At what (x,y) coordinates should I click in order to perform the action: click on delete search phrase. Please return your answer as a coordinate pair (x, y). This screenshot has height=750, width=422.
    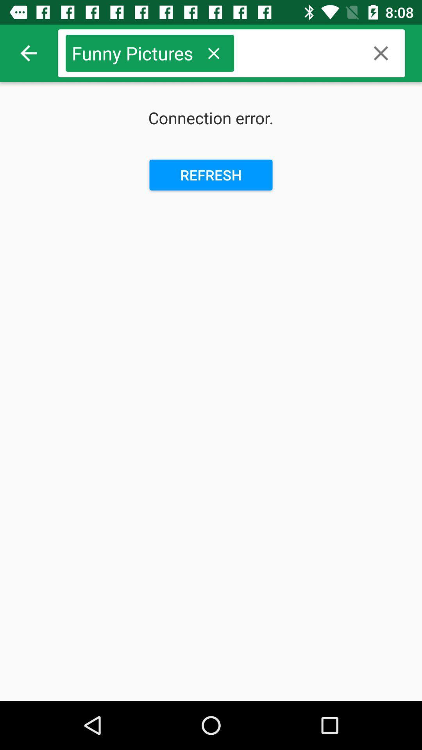
    Looking at the image, I should click on (213, 53).